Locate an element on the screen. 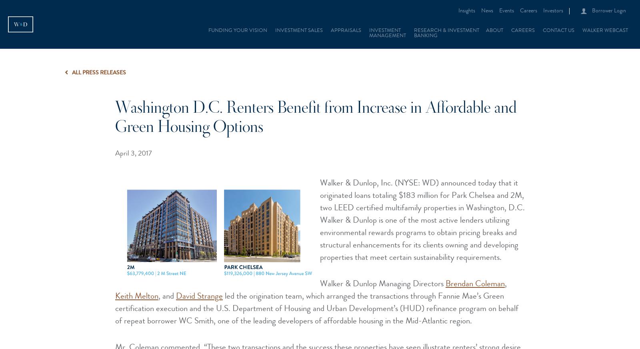  'Insights' is located at coordinates (467, 11).